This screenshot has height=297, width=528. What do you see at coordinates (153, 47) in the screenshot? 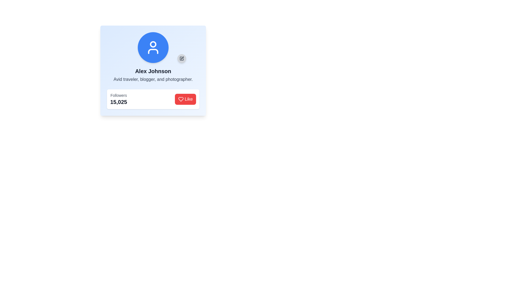
I see `the circular blue icon with a white user silhouette, which is centered above the username 'Alex Johnson'` at bounding box center [153, 47].